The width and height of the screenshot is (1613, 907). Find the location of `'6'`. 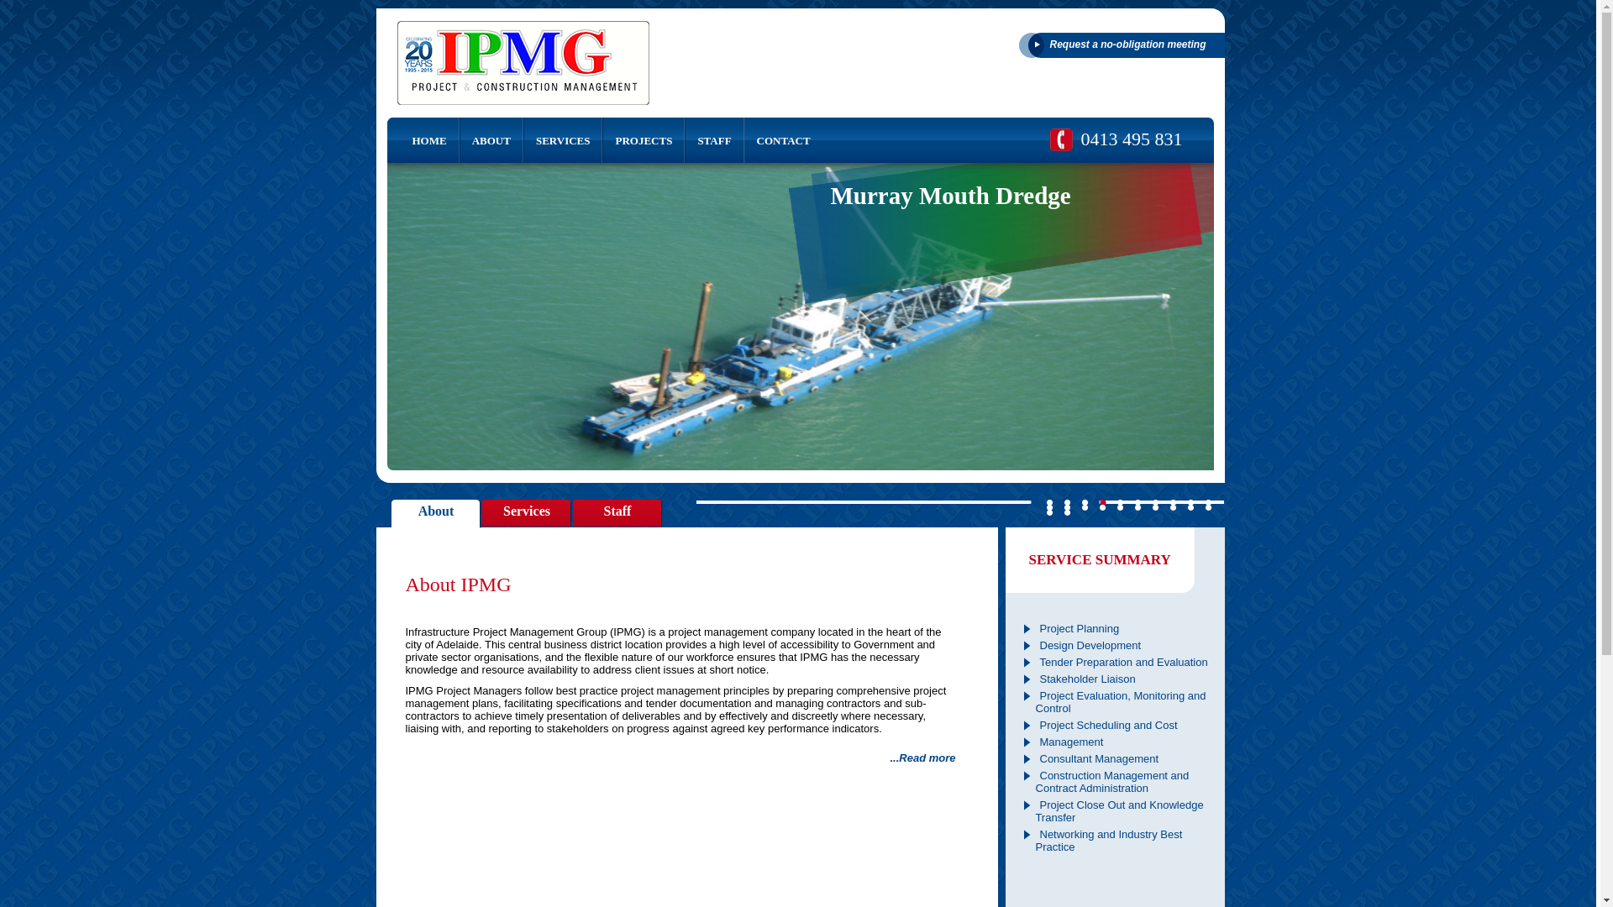

'6' is located at coordinates (1133, 501).